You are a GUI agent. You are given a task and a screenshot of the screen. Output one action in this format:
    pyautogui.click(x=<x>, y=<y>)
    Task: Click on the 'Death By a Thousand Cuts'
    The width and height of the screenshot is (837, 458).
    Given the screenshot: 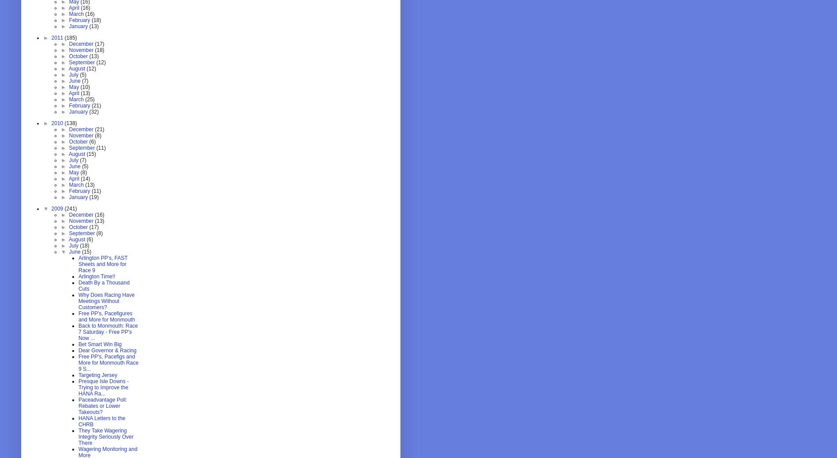 What is the action you would take?
    pyautogui.click(x=103, y=285)
    